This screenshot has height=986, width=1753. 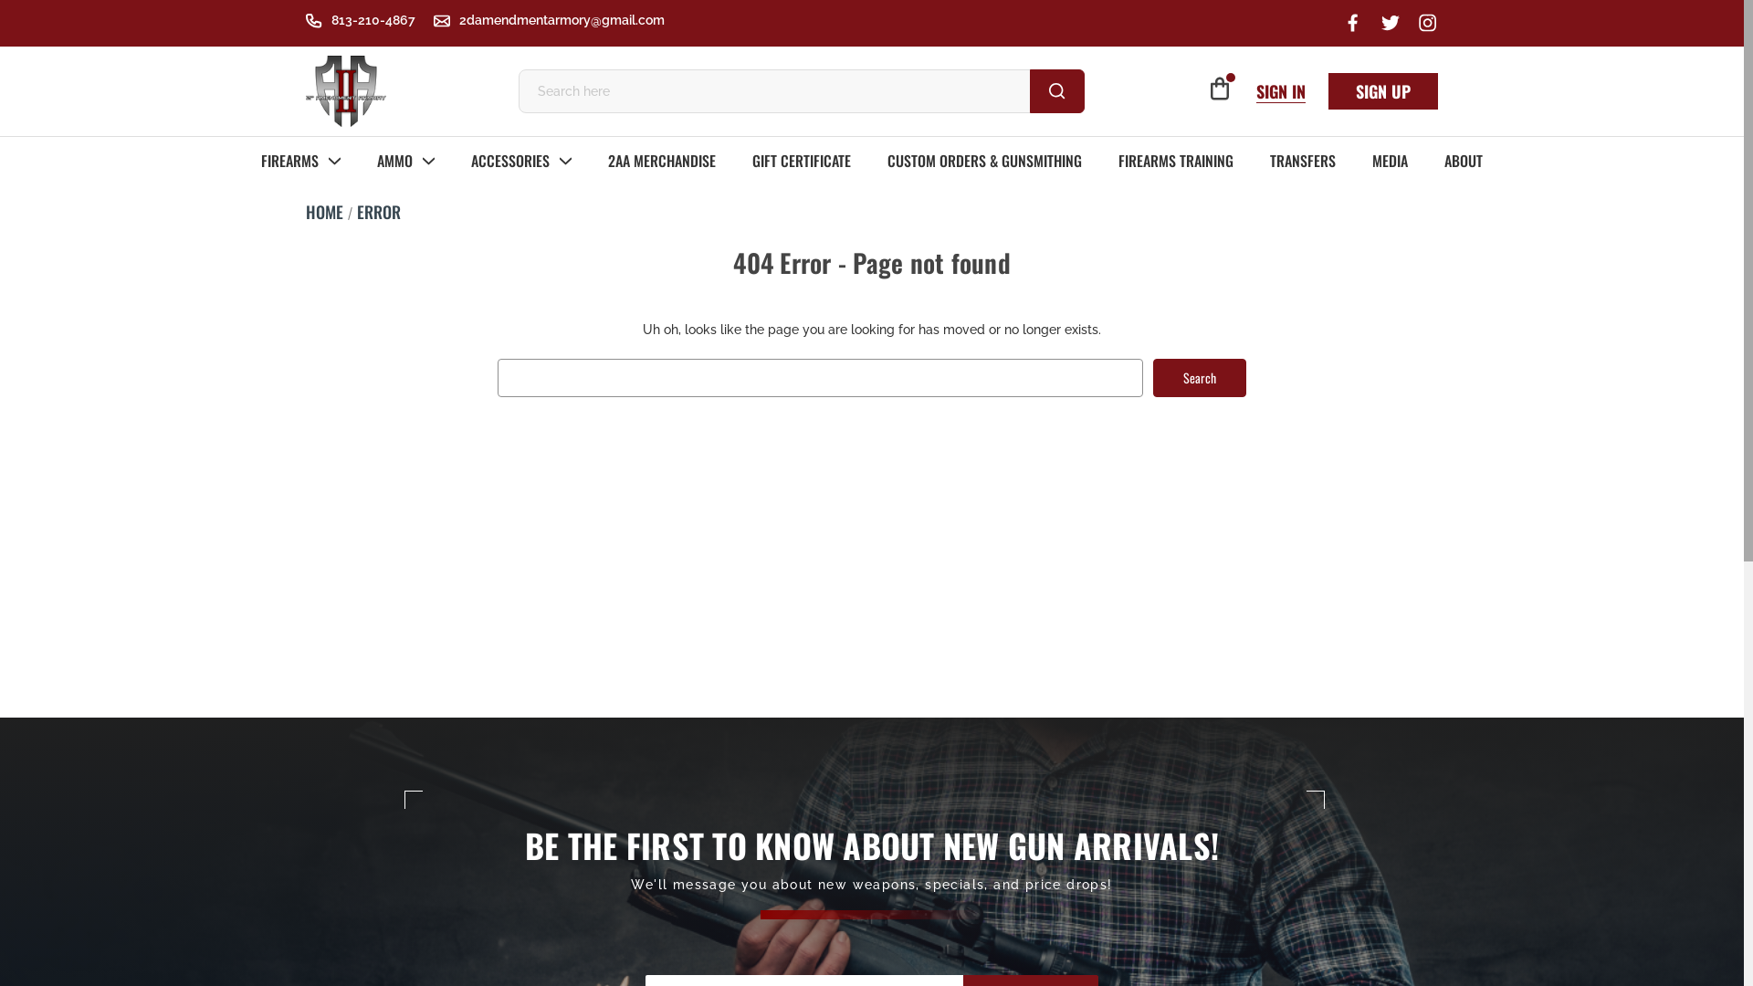 I want to click on '2nd Amendment Armory', so click(x=346, y=91).